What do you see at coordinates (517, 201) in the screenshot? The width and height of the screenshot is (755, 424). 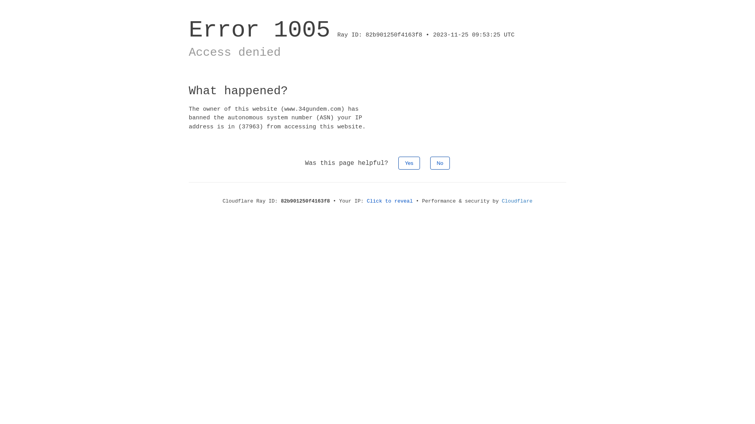 I see `'Cloudflare'` at bounding box center [517, 201].